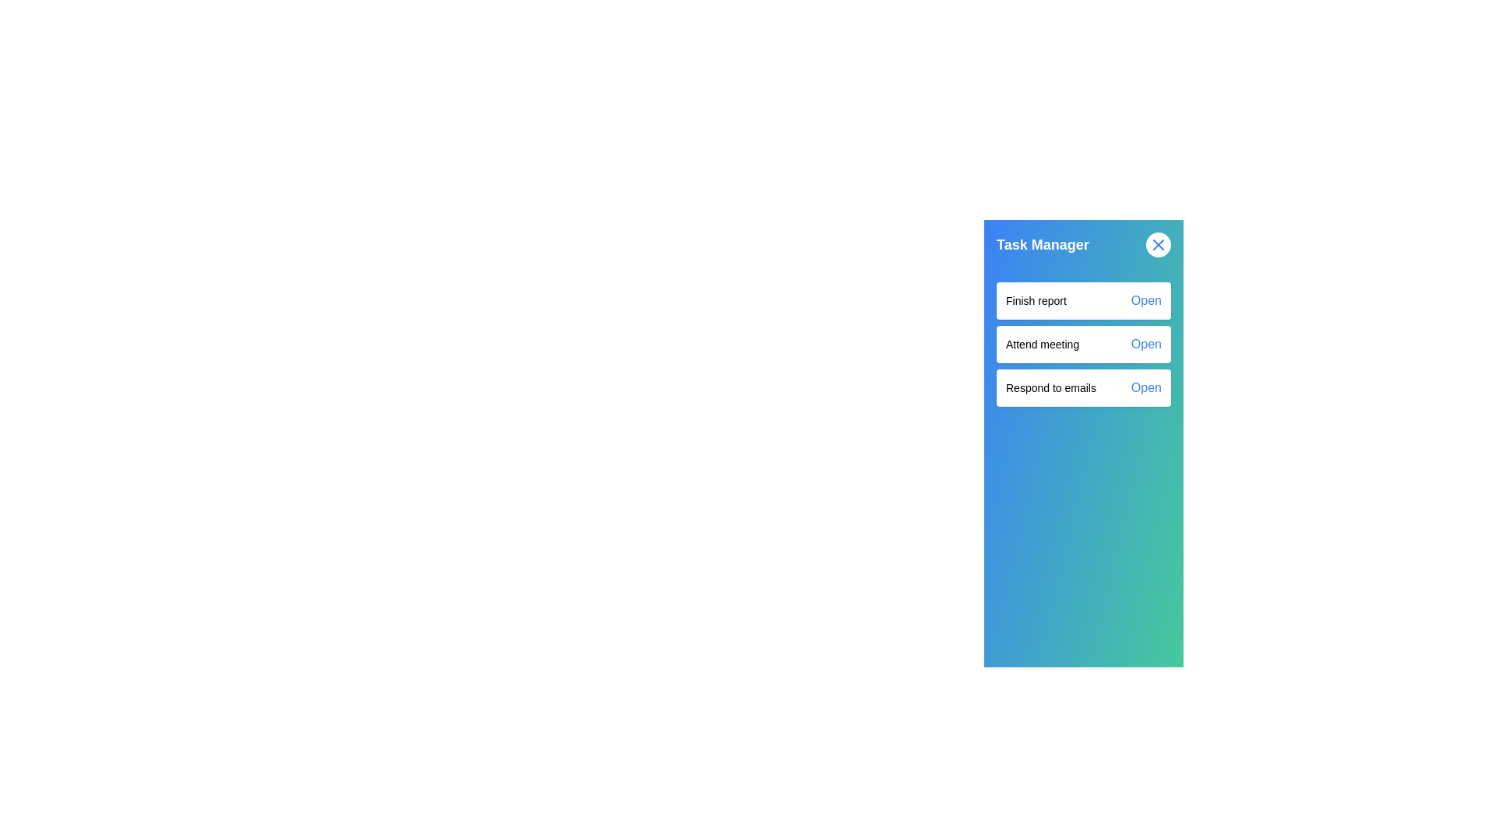 The width and height of the screenshot is (1495, 840). What do you see at coordinates (1159, 245) in the screenshot?
I see `the 'X' icon button with a blue color and circular white background in the top-right corner of the 'Task Manager' panel` at bounding box center [1159, 245].